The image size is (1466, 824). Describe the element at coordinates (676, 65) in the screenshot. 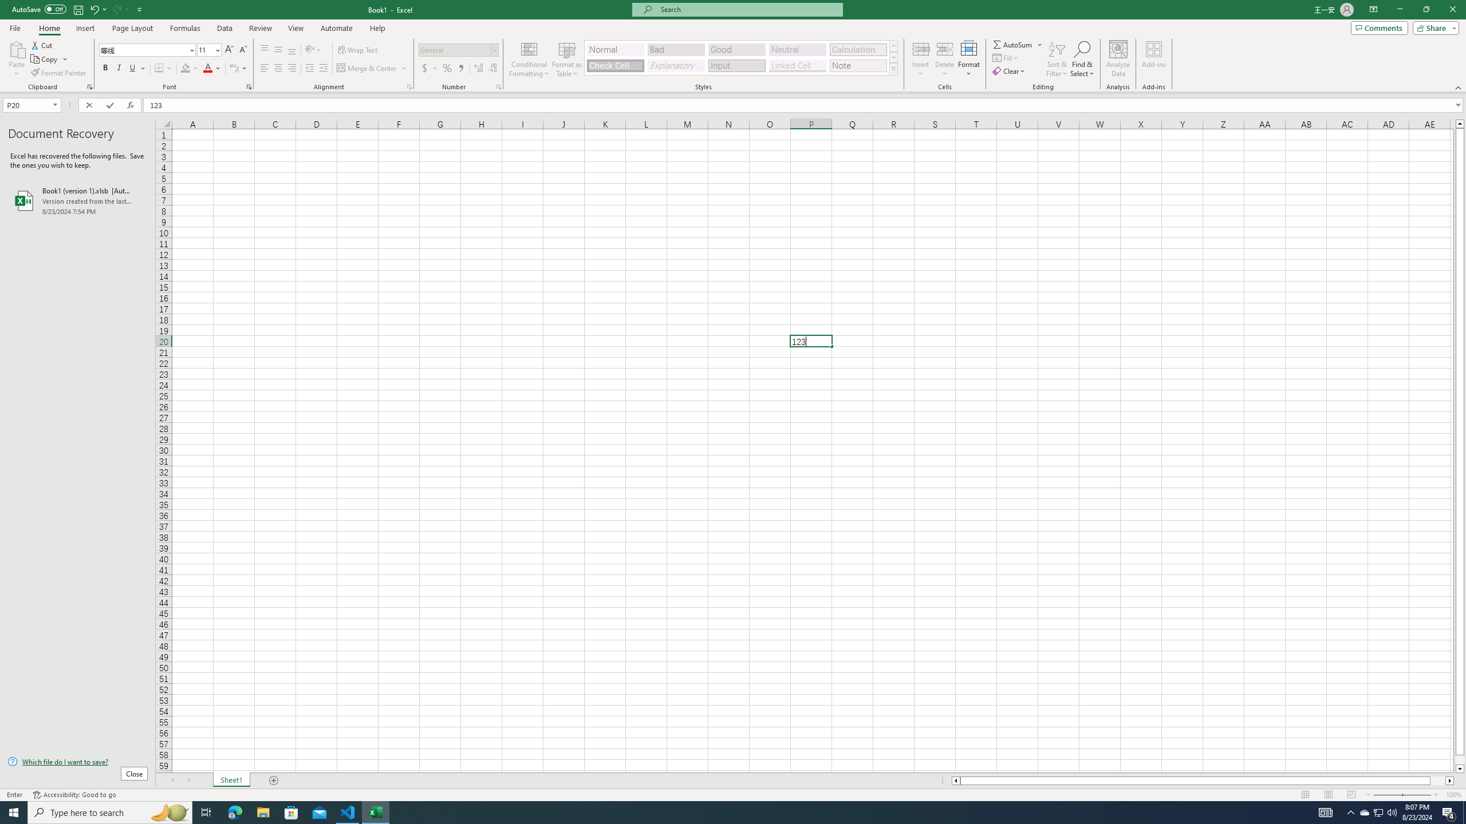

I see `'Explanatory Text'` at that location.